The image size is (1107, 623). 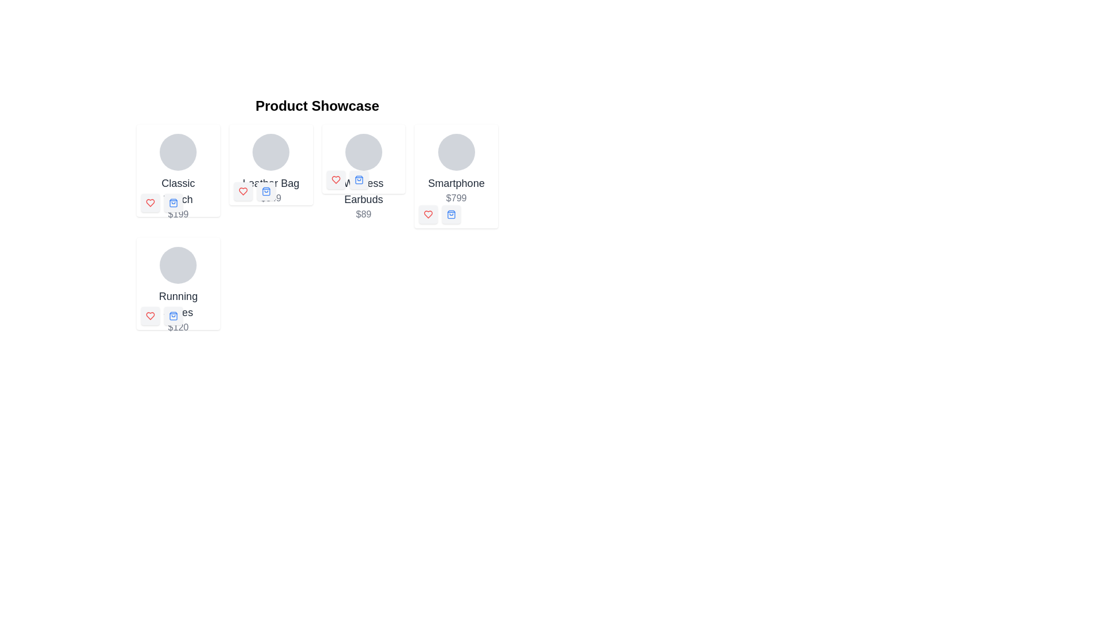 What do you see at coordinates (428, 214) in the screenshot?
I see `the 'favorite' button located at the bottom-left corner of the 'Smartphone' product card to mark it as a favorite or like it` at bounding box center [428, 214].